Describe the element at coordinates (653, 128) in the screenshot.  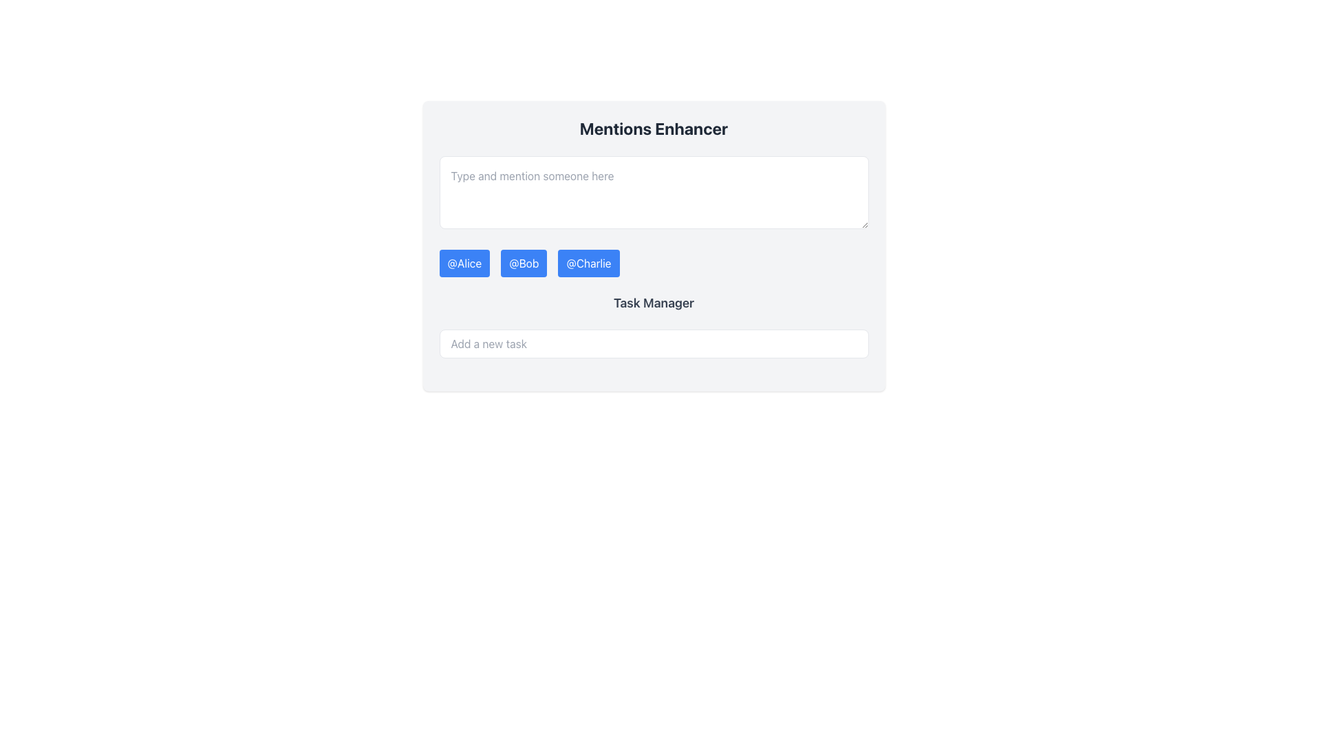
I see `the 'Mentions Enhancer' text element, which is displayed in bold, large font and dark gray color at the top of a white panel with rounded corners` at that location.